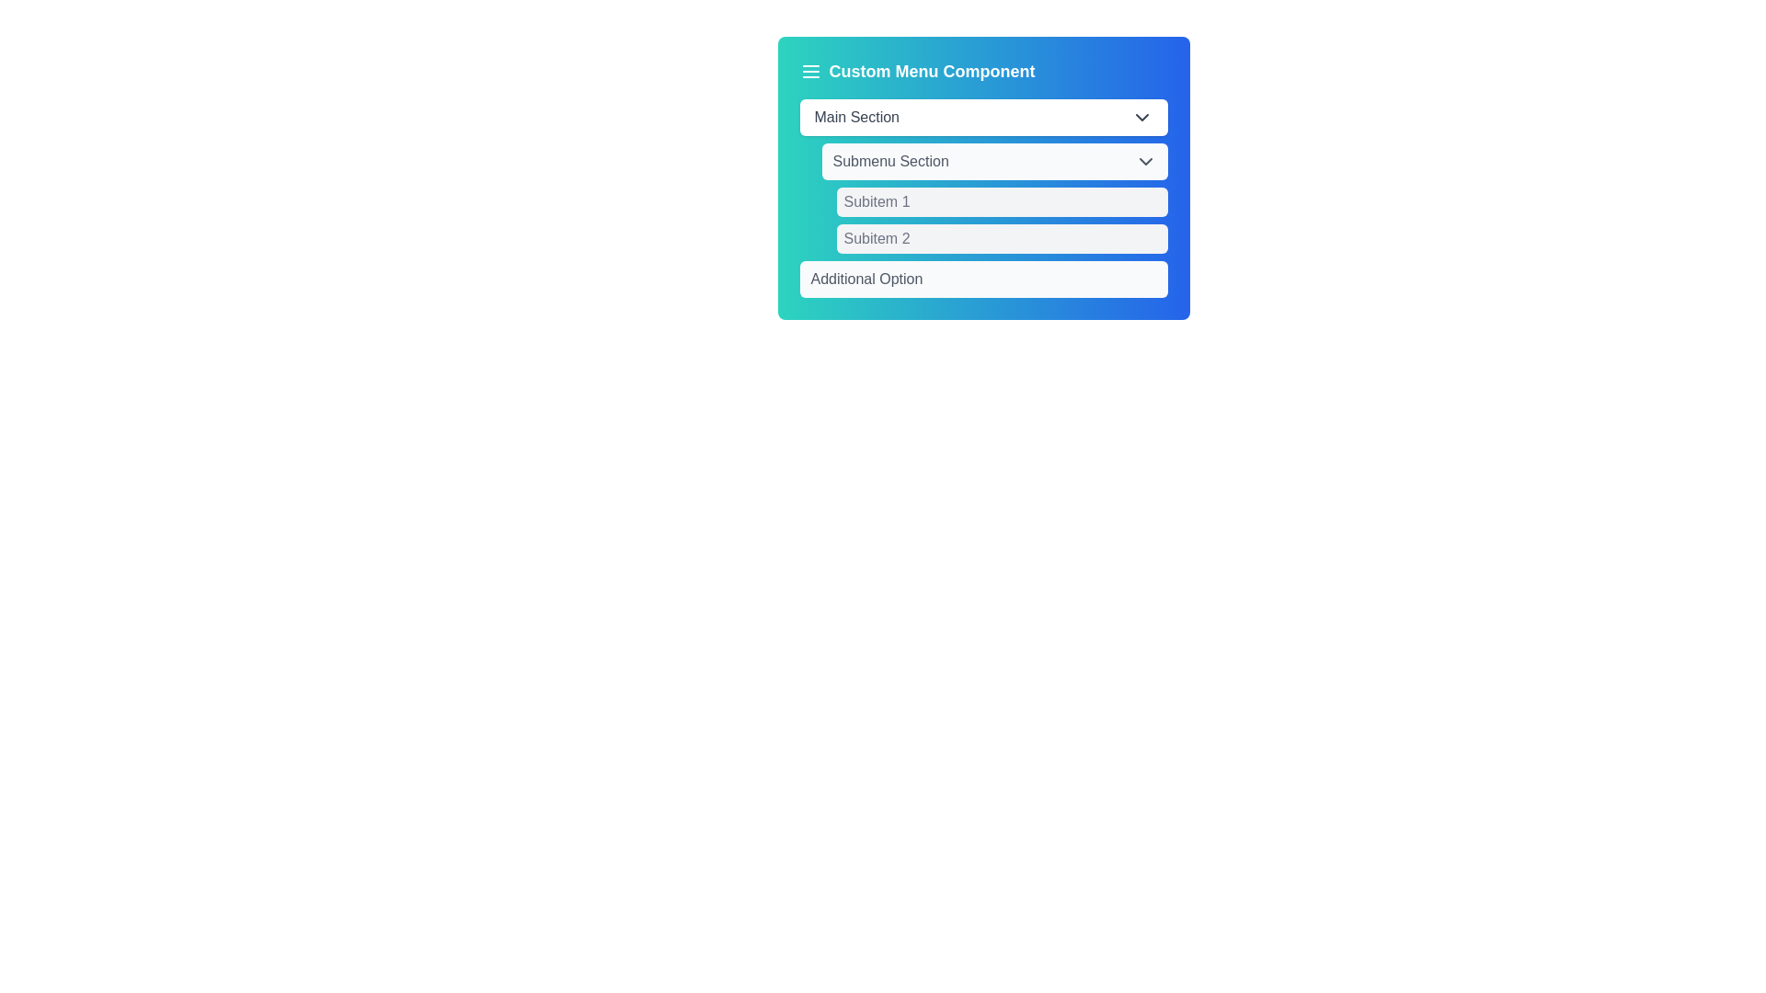  What do you see at coordinates (1141, 117) in the screenshot?
I see `the downward chevron icon indicating the dropdown menu associated with the 'Main Section' menu item to indicate interactivity` at bounding box center [1141, 117].